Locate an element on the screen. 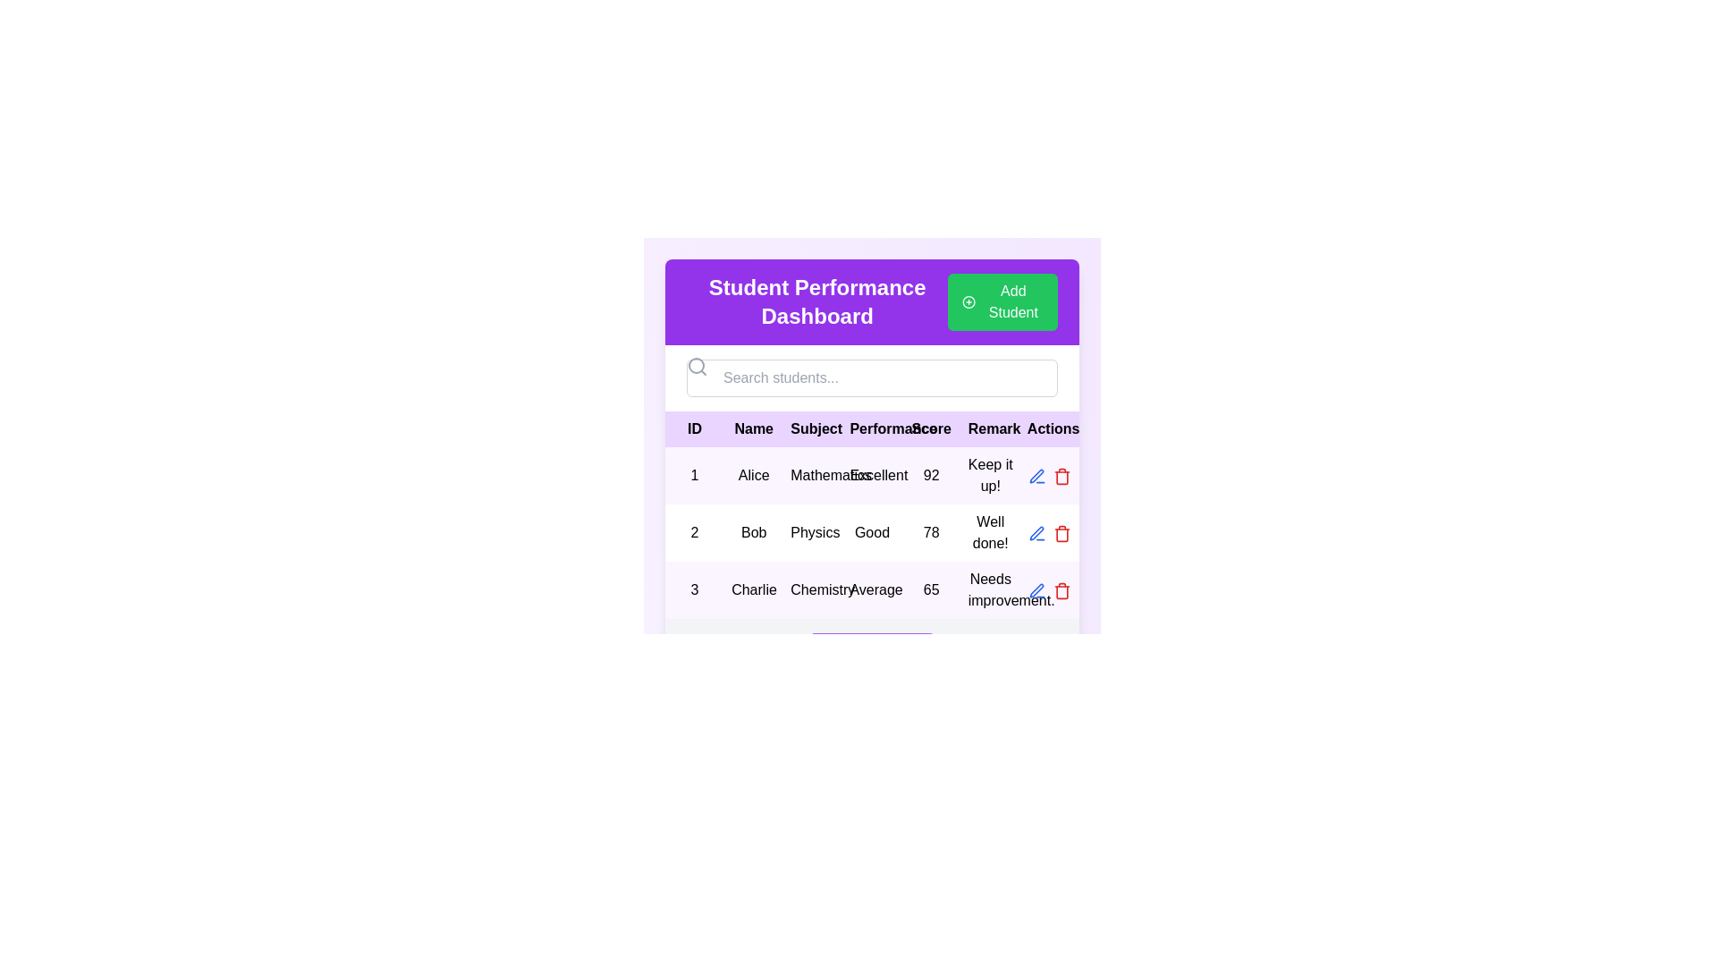 The height and width of the screenshot is (966, 1717). text content of the static label displaying 'Bob's performance rating in Physics', located in the second row of the table under the 'Performance' column is located at coordinates (872, 532).